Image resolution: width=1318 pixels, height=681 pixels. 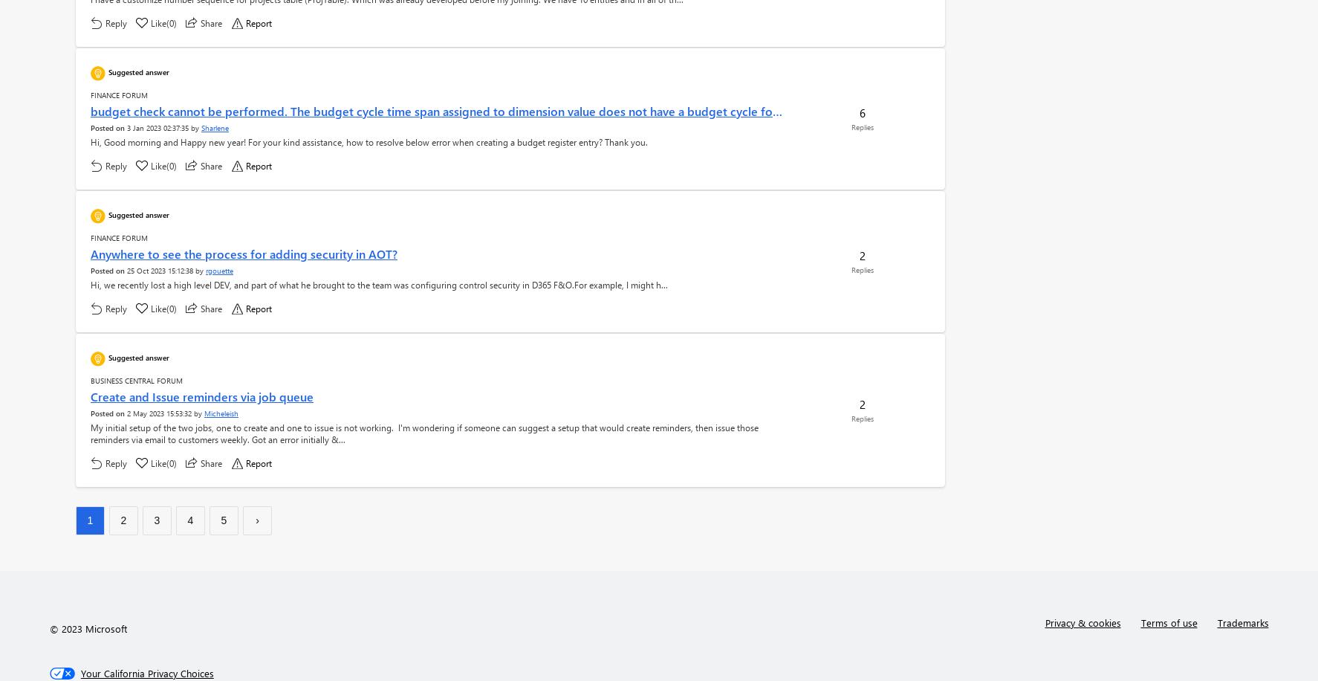 I want to click on '25 Oct 2023 15:12:38', so click(x=159, y=271).